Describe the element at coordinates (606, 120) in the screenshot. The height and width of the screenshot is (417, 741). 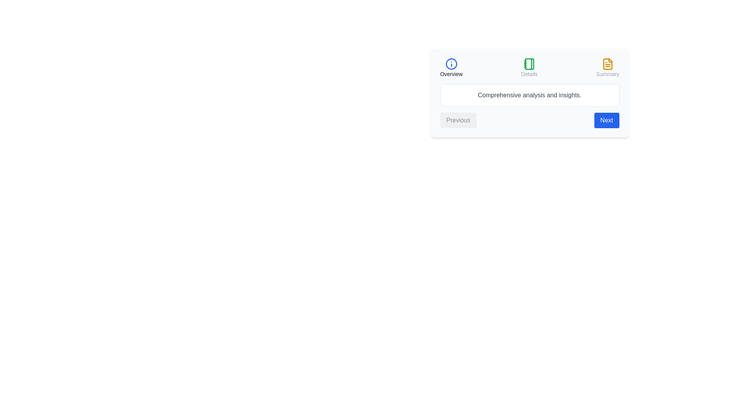
I see `'Next' button to move to the next step in the stepper` at that location.